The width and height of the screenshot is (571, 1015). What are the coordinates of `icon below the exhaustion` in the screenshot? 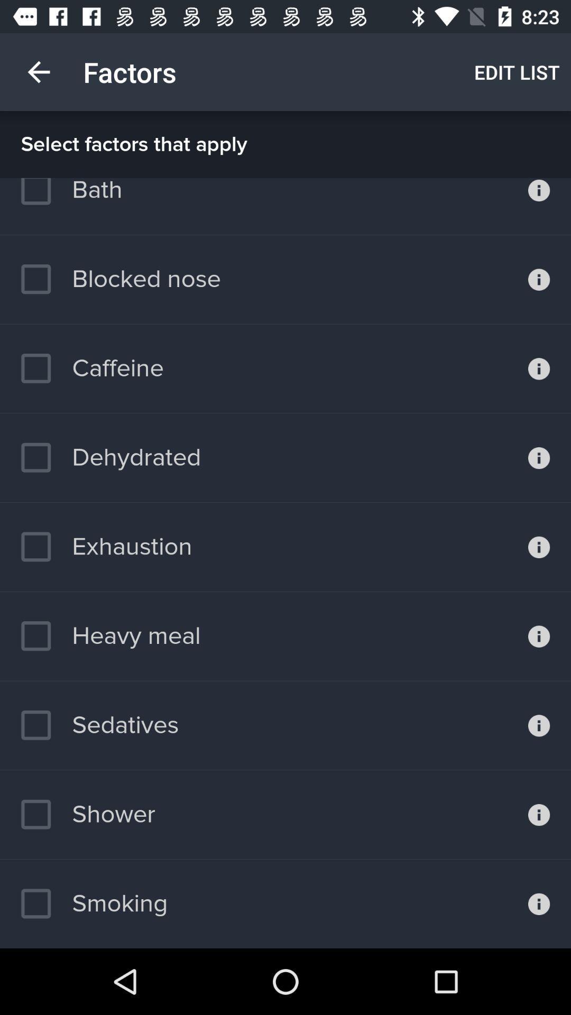 It's located at (110, 635).